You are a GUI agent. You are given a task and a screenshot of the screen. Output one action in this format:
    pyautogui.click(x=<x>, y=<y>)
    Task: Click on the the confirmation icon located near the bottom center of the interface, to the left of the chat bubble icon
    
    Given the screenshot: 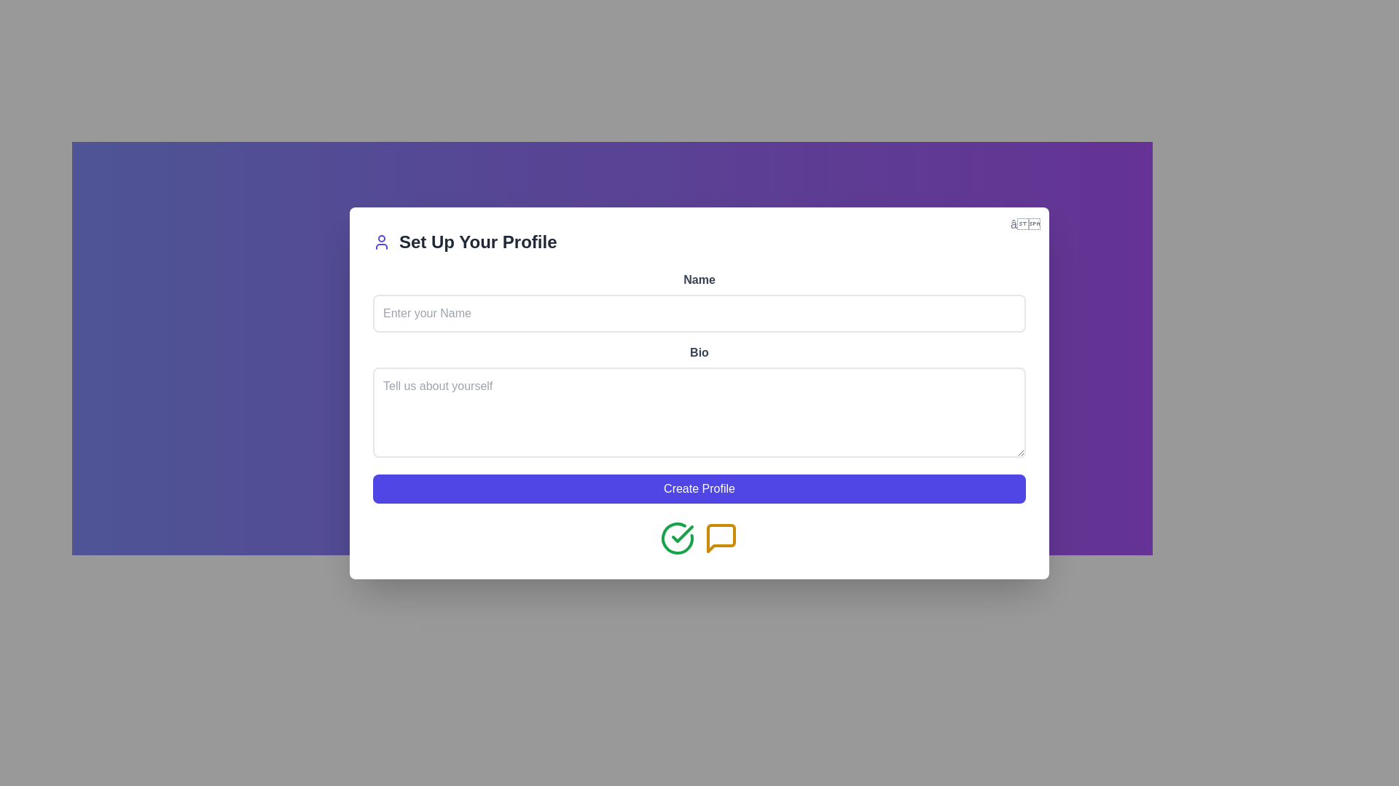 What is the action you would take?
    pyautogui.click(x=677, y=538)
    